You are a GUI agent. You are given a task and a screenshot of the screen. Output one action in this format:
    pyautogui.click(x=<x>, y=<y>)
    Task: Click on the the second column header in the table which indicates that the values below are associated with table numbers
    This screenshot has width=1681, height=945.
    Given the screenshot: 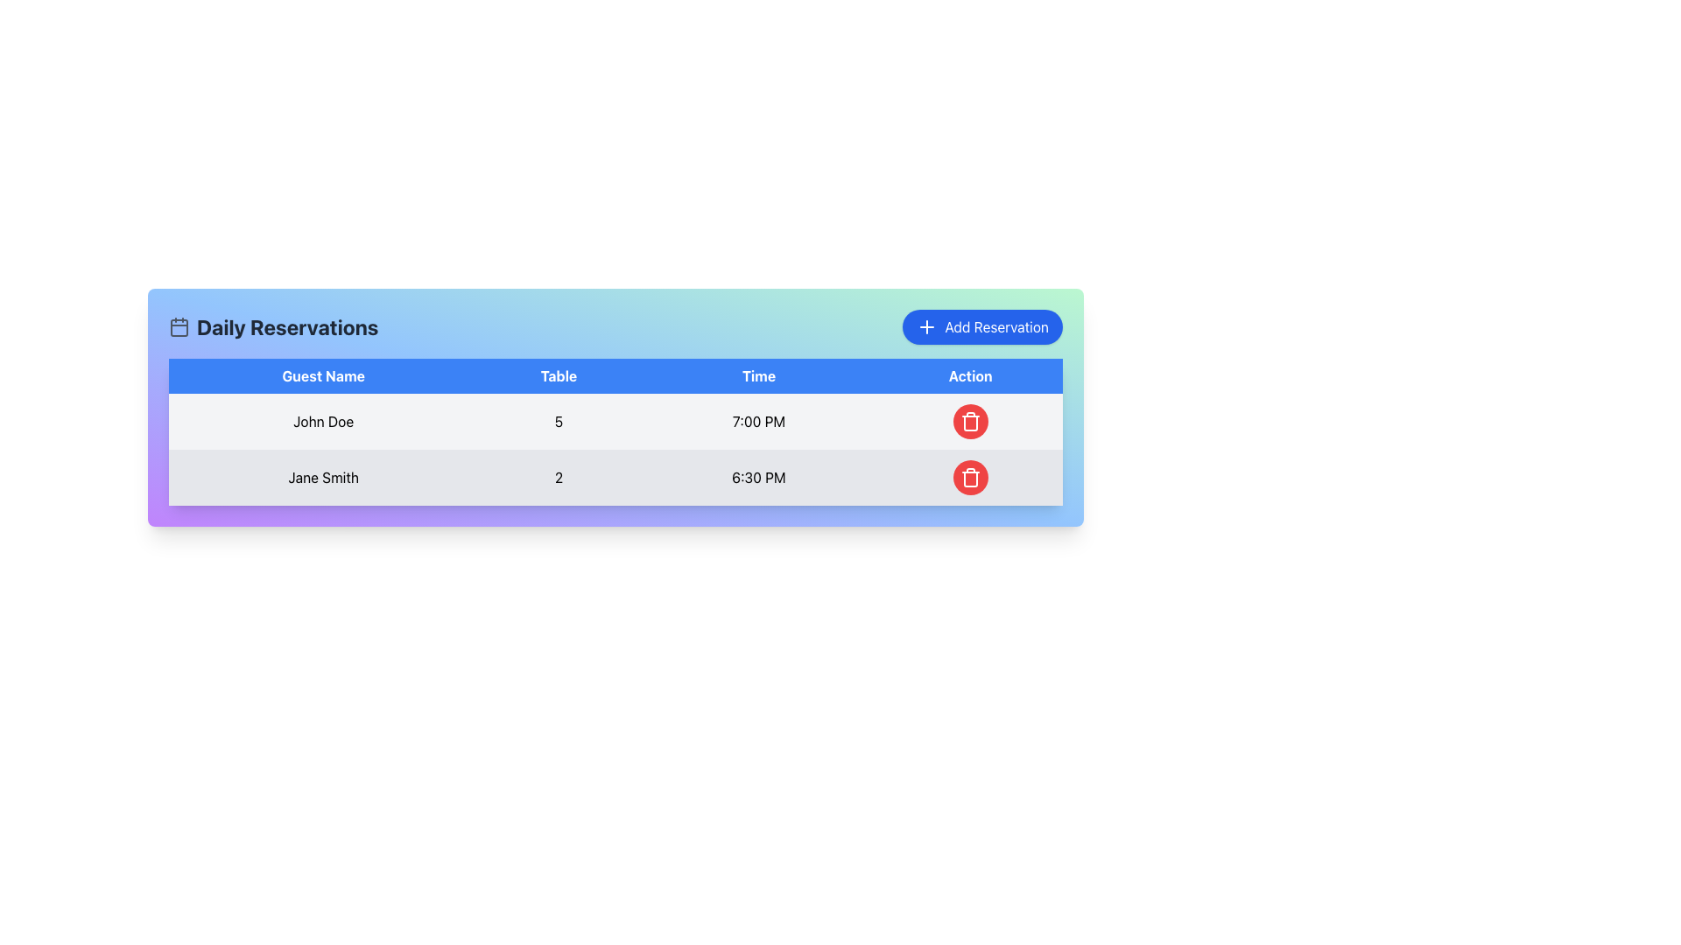 What is the action you would take?
    pyautogui.click(x=558, y=374)
    